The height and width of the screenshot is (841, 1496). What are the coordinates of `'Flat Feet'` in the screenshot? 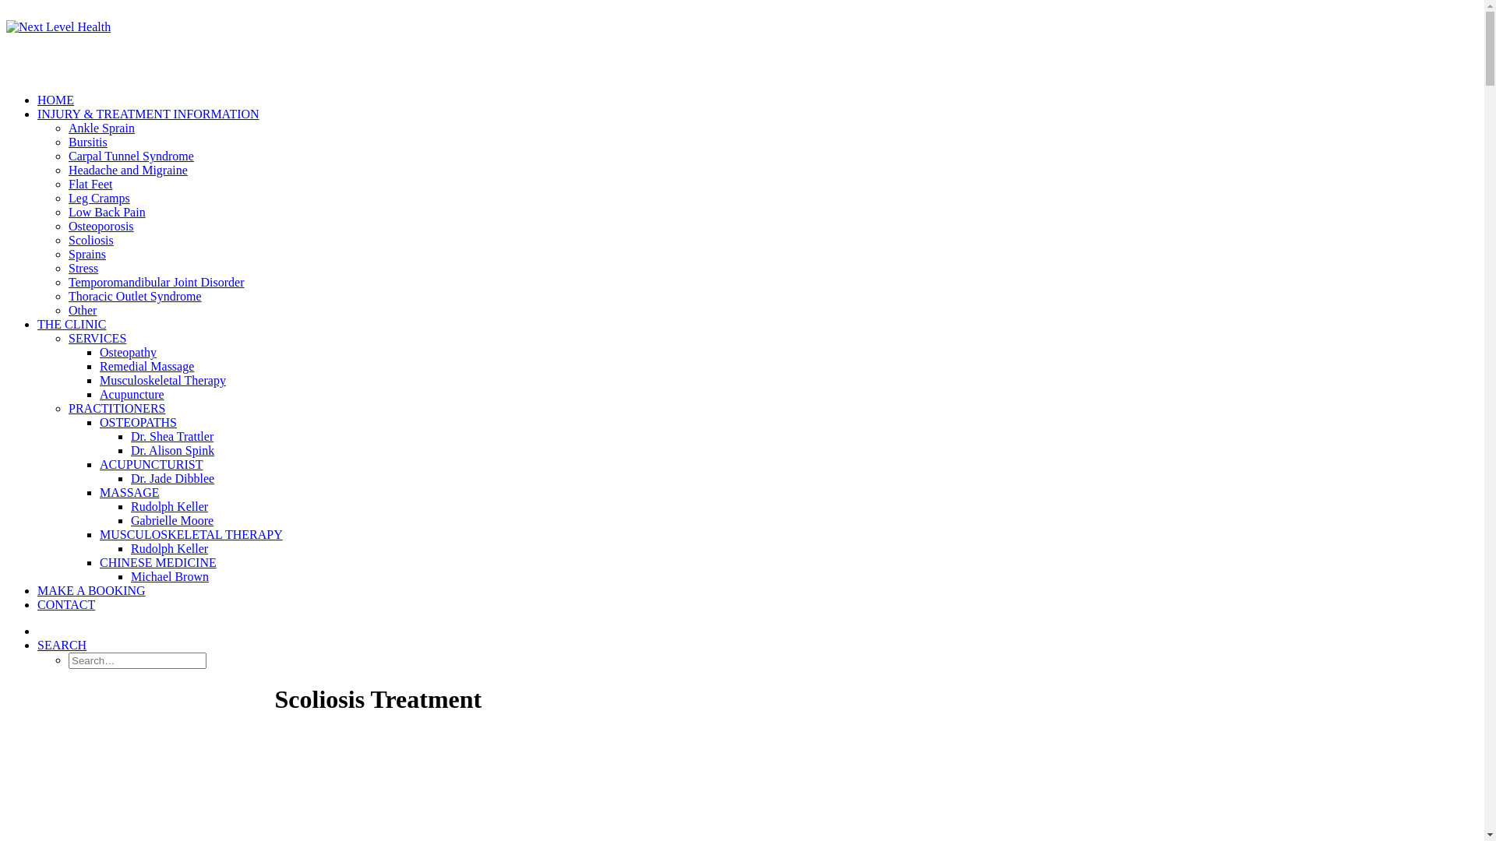 It's located at (89, 183).